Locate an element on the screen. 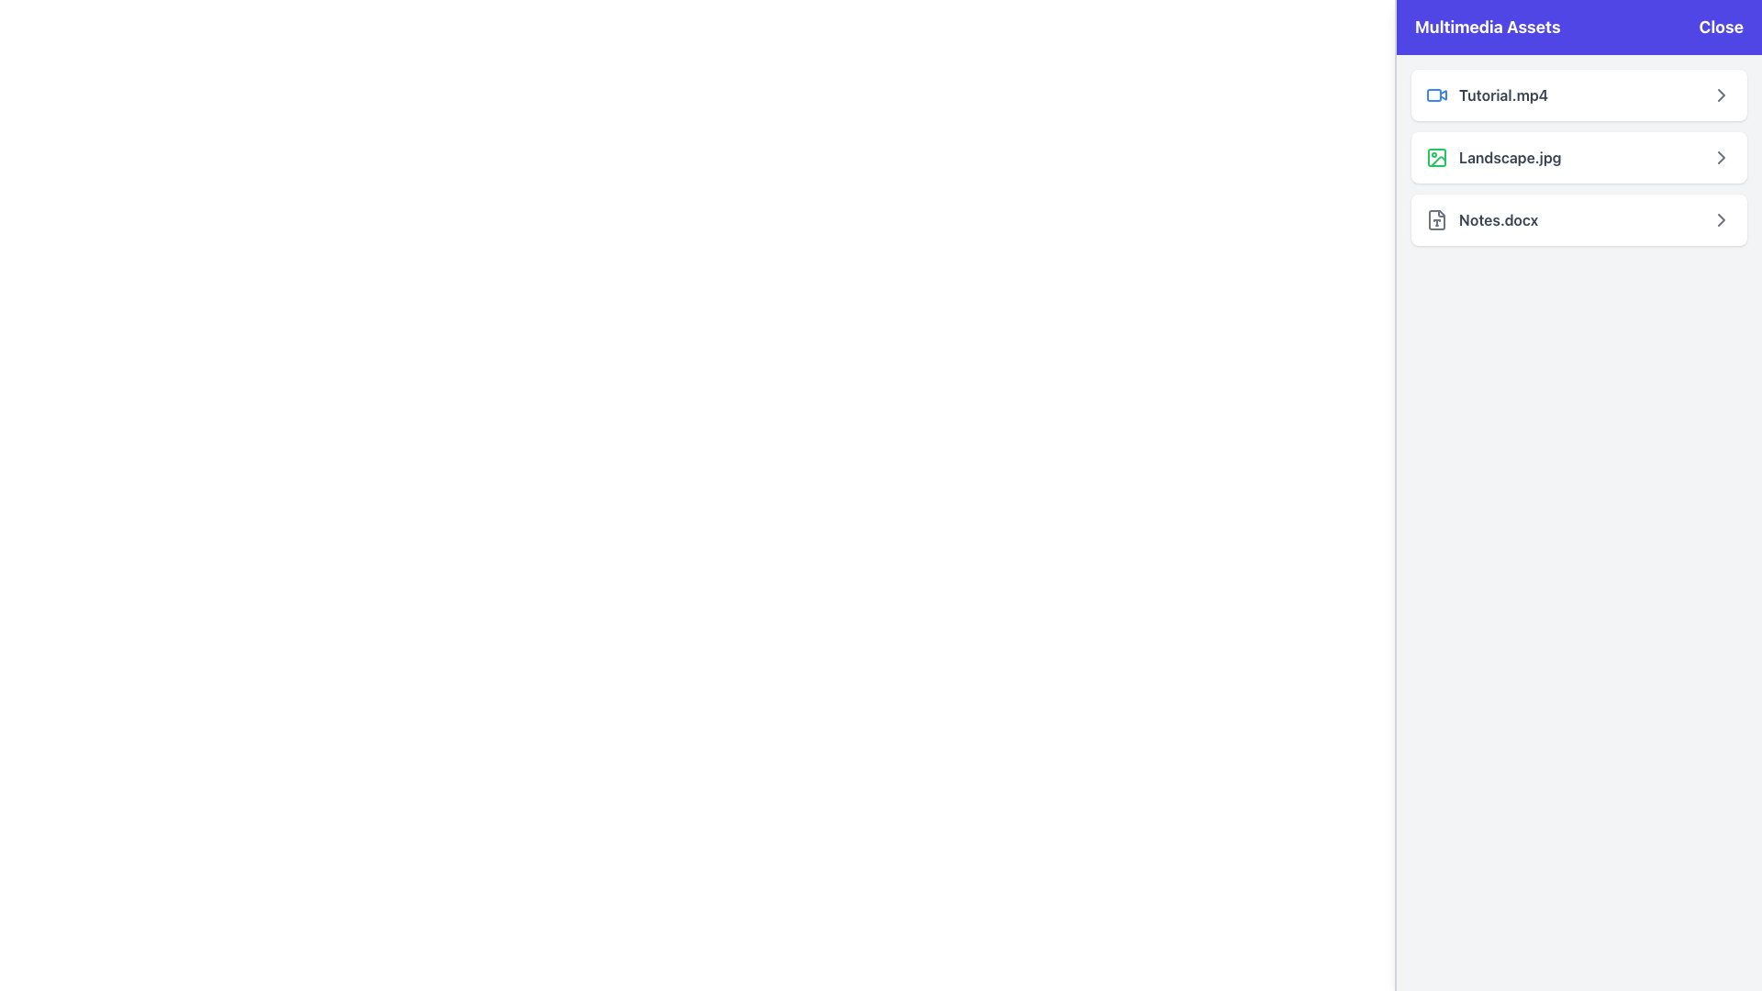 The image size is (1762, 991). the play triangle icon, which is part of the video play button located on the right side of the sidebar menu is located at coordinates (1443, 95).